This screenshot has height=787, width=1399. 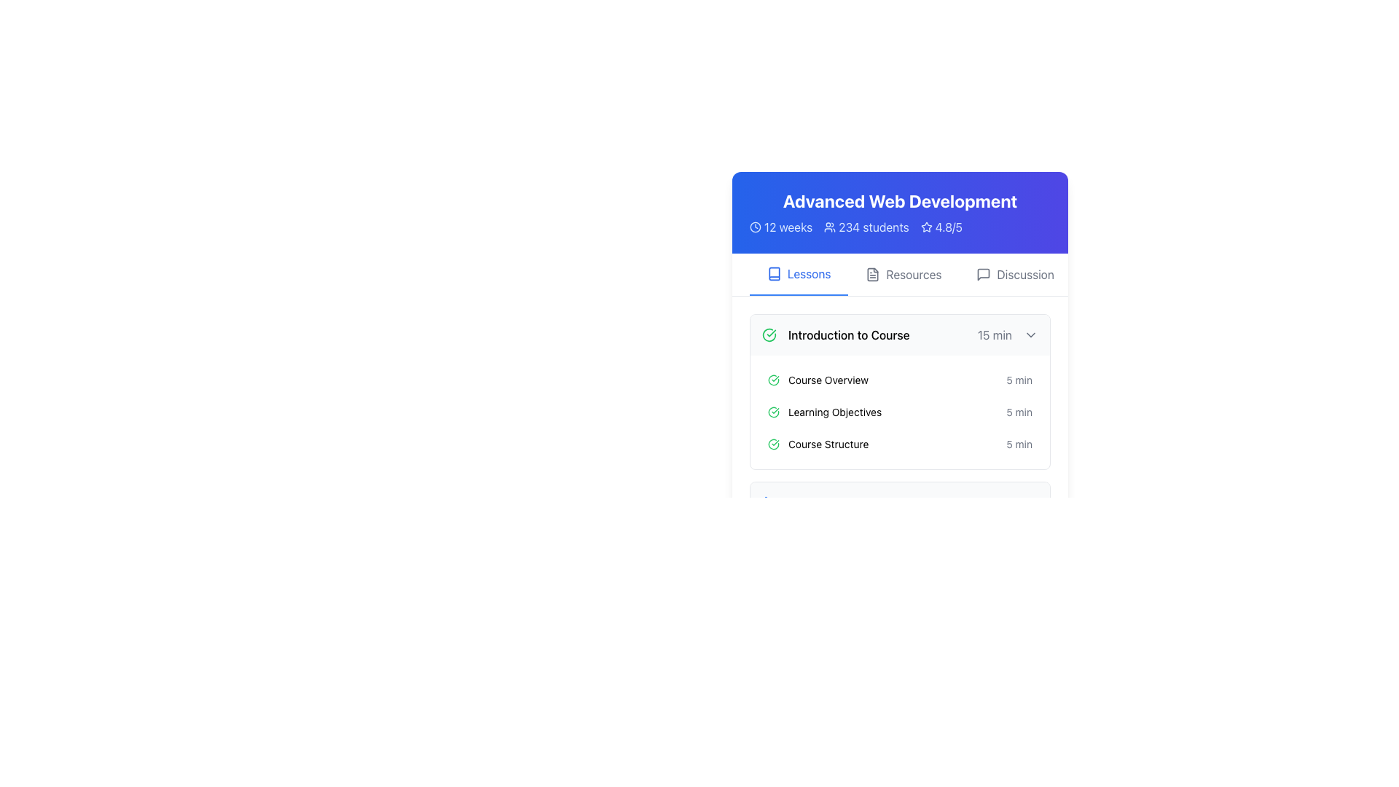 I want to click on the small, circular green checkmark icon that is located to the left of the 'Course Overview' text in the 'Introduction to Course' section, so click(x=772, y=379).